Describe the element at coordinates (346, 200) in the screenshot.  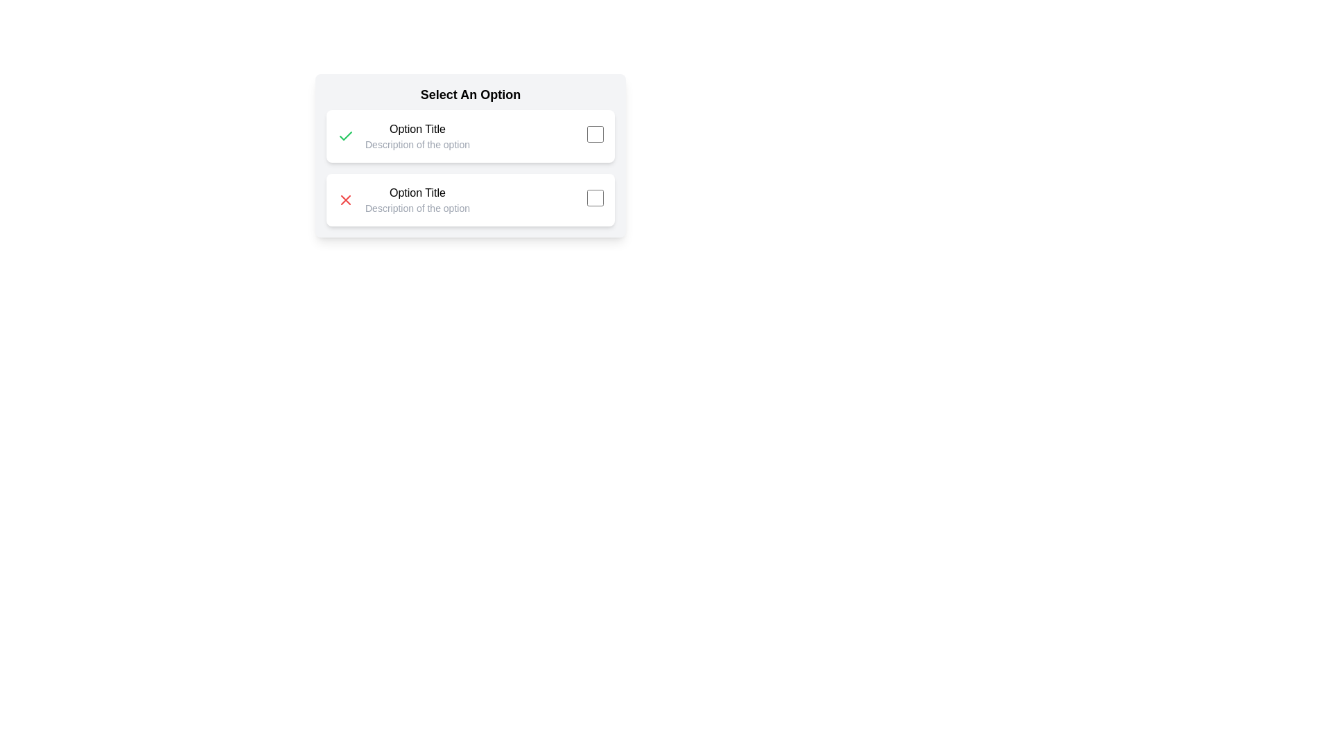
I see `the state of the negative indicator icon located on the left-hand side of the second option in the list of selectable items` at that location.